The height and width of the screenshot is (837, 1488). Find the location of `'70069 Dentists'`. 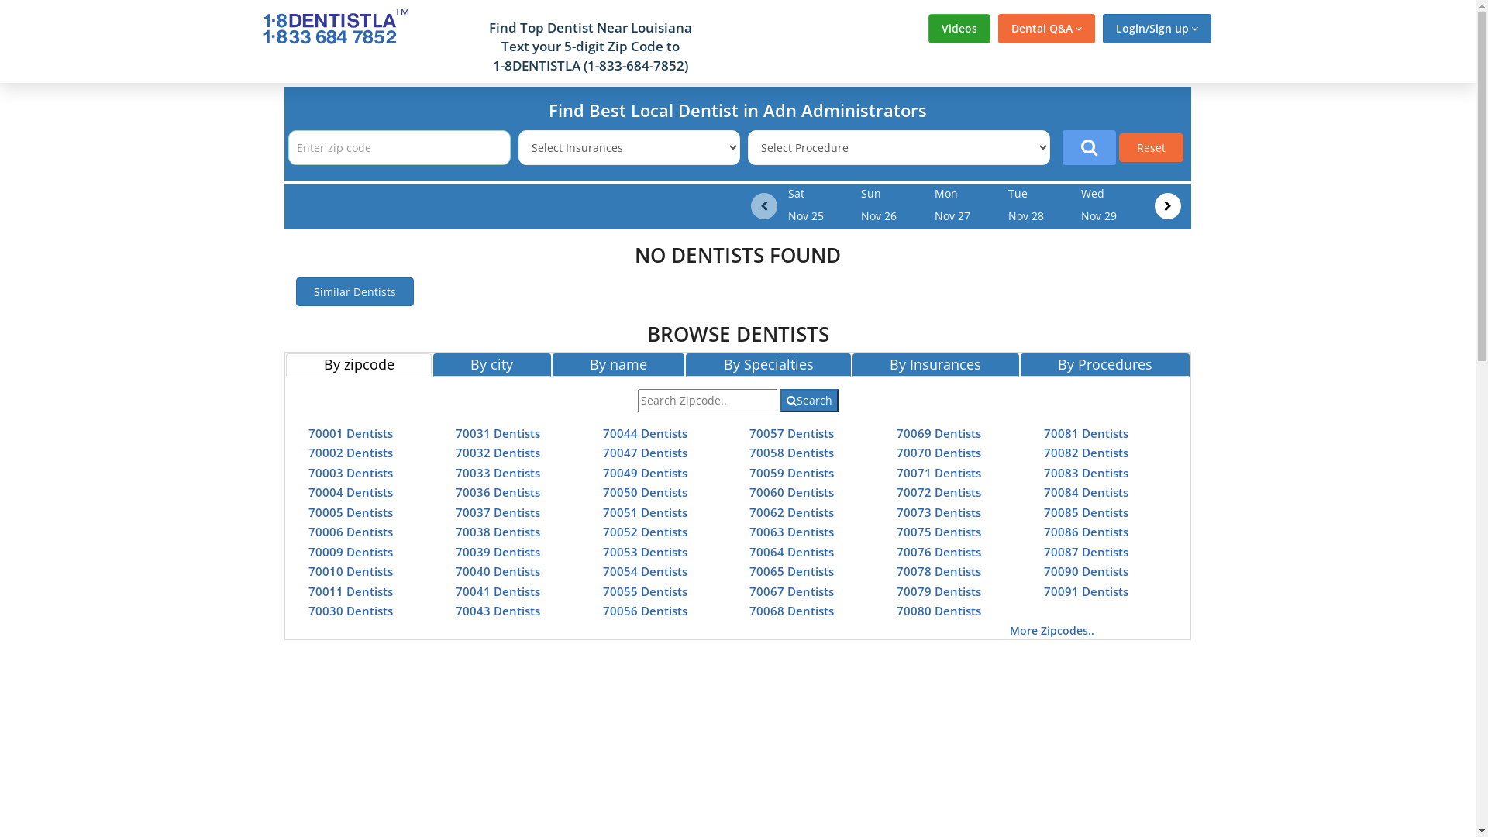

'70069 Dentists' is located at coordinates (896, 432).